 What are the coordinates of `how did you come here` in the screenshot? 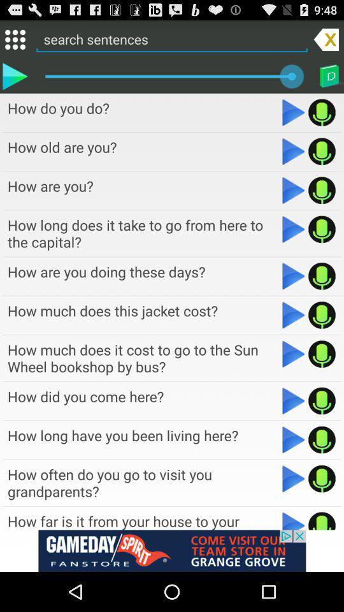 It's located at (294, 400).